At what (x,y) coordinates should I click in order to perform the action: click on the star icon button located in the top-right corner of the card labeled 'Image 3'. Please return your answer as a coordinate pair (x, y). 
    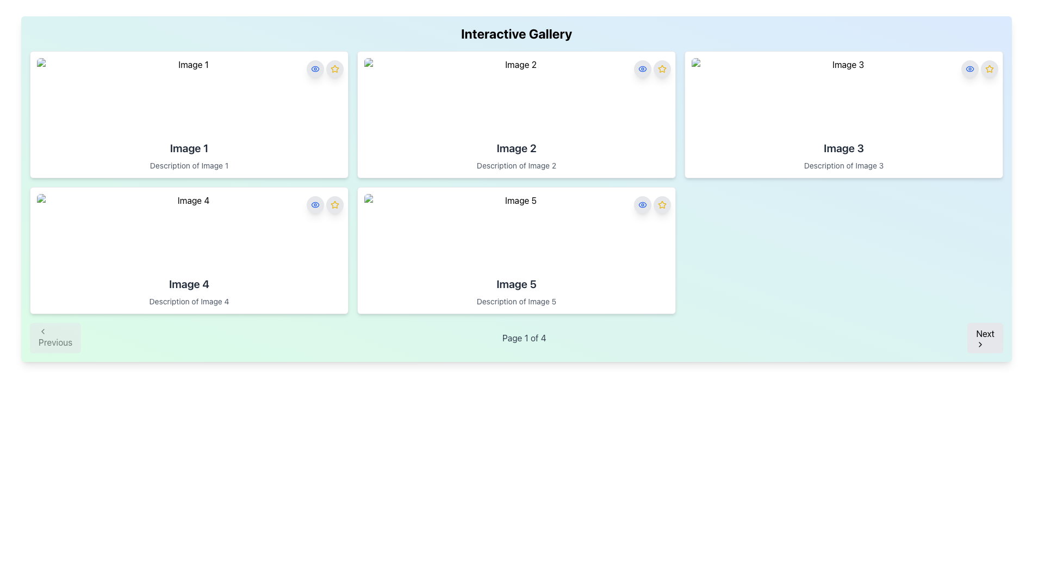
    Looking at the image, I should click on (989, 69).